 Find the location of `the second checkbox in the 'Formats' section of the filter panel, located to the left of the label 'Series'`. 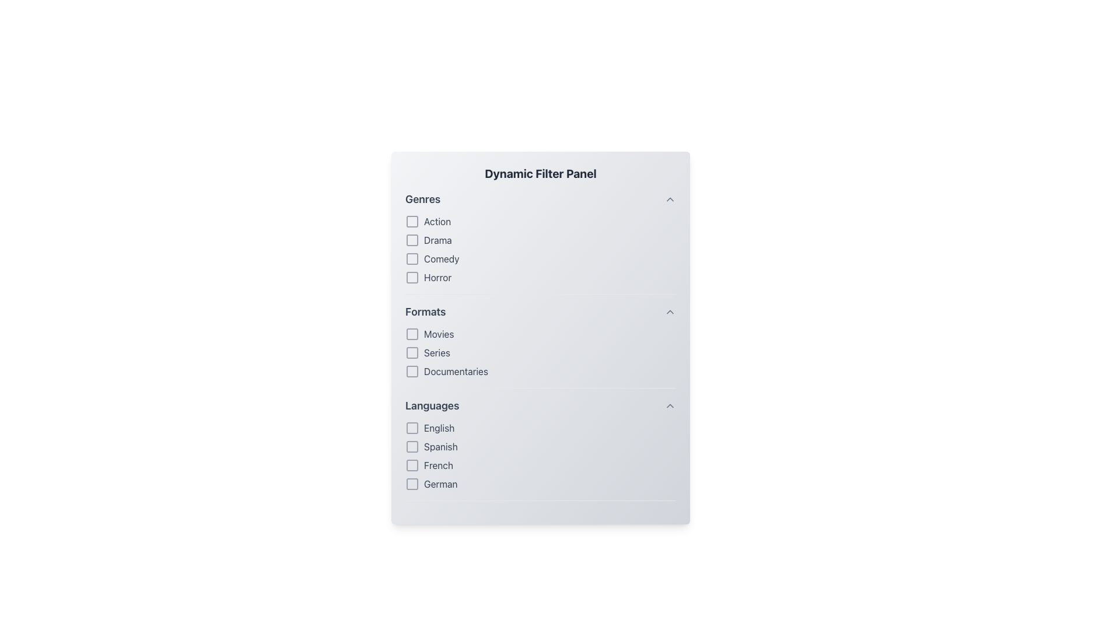

the second checkbox in the 'Formats' section of the filter panel, located to the left of the label 'Series' is located at coordinates (412, 352).